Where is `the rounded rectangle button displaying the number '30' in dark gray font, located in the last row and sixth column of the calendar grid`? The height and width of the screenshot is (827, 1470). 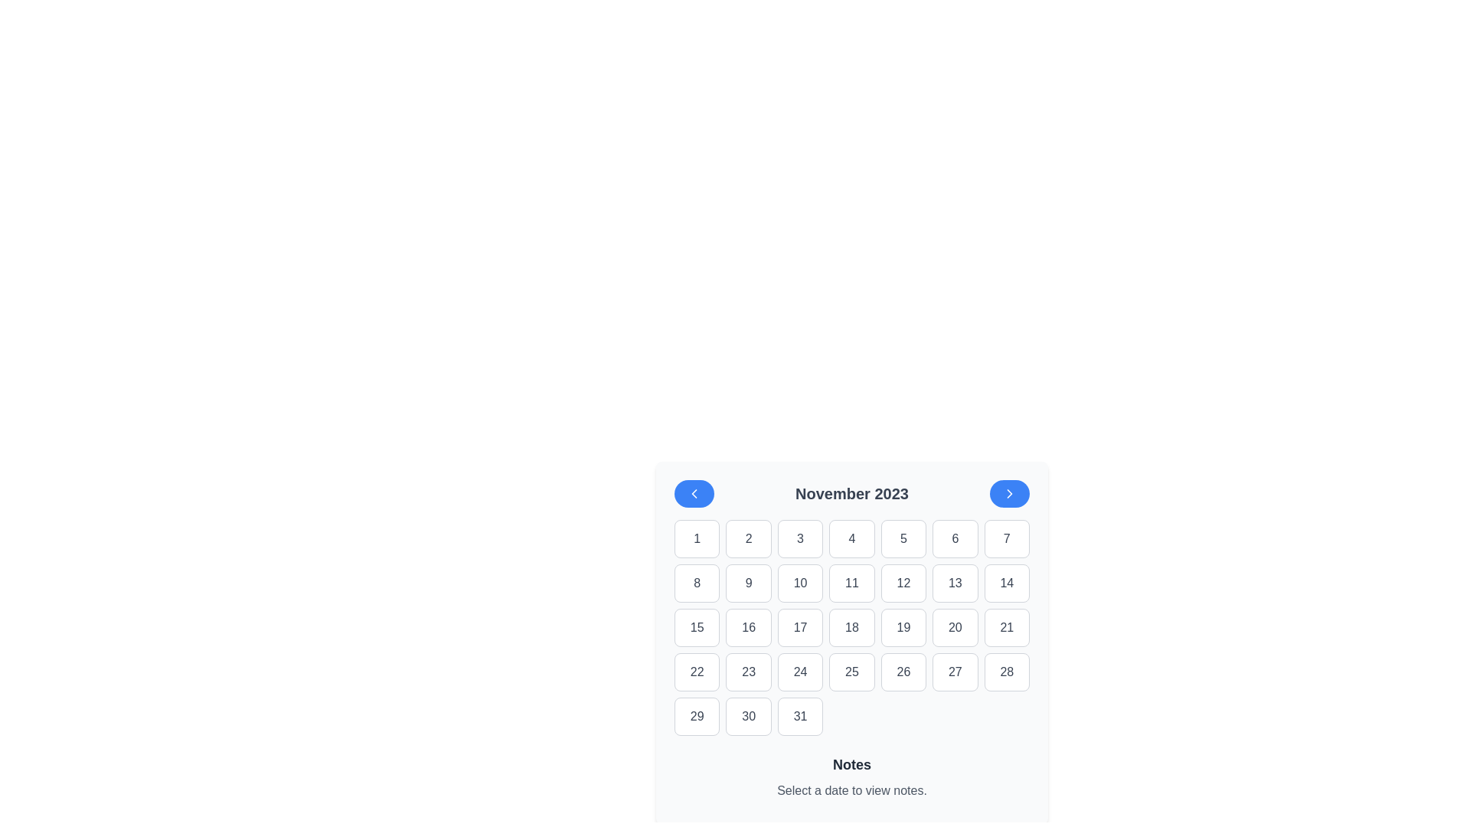
the rounded rectangle button displaying the number '30' in dark gray font, located in the last row and sixth column of the calendar grid is located at coordinates (749, 717).